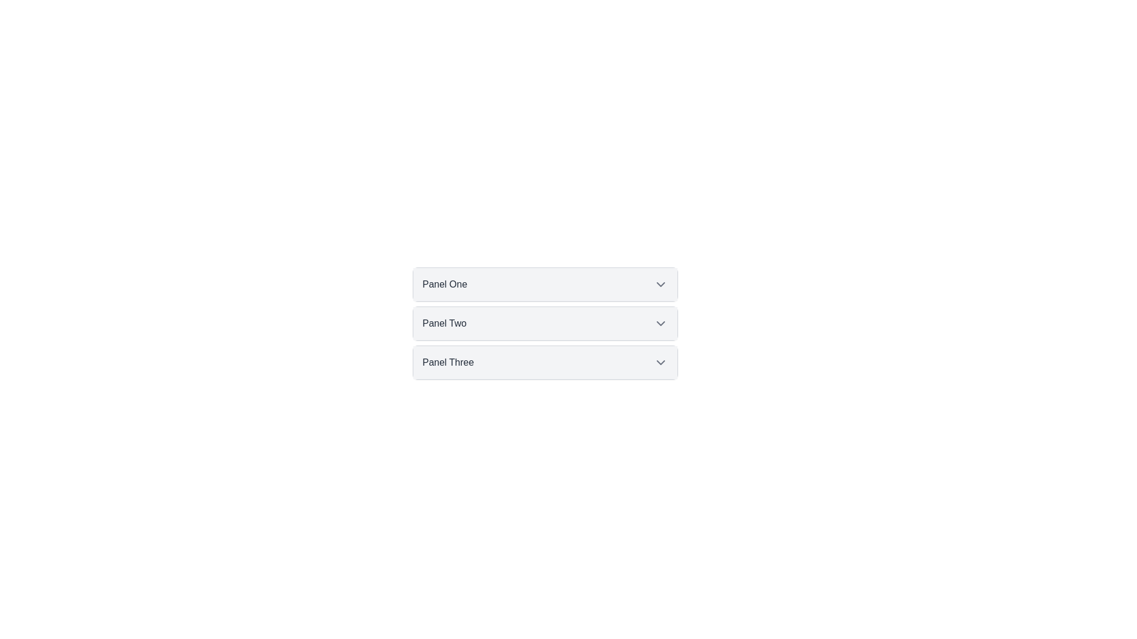 Image resolution: width=1137 pixels, height=639 pixels. What do you see at coordinates (447, 362) in the screenshot?
I see `the text label that reads 'Panel Three', which is styled with gray text color and located in the left-central area of the third panel header` at bounding box center [447, 362].